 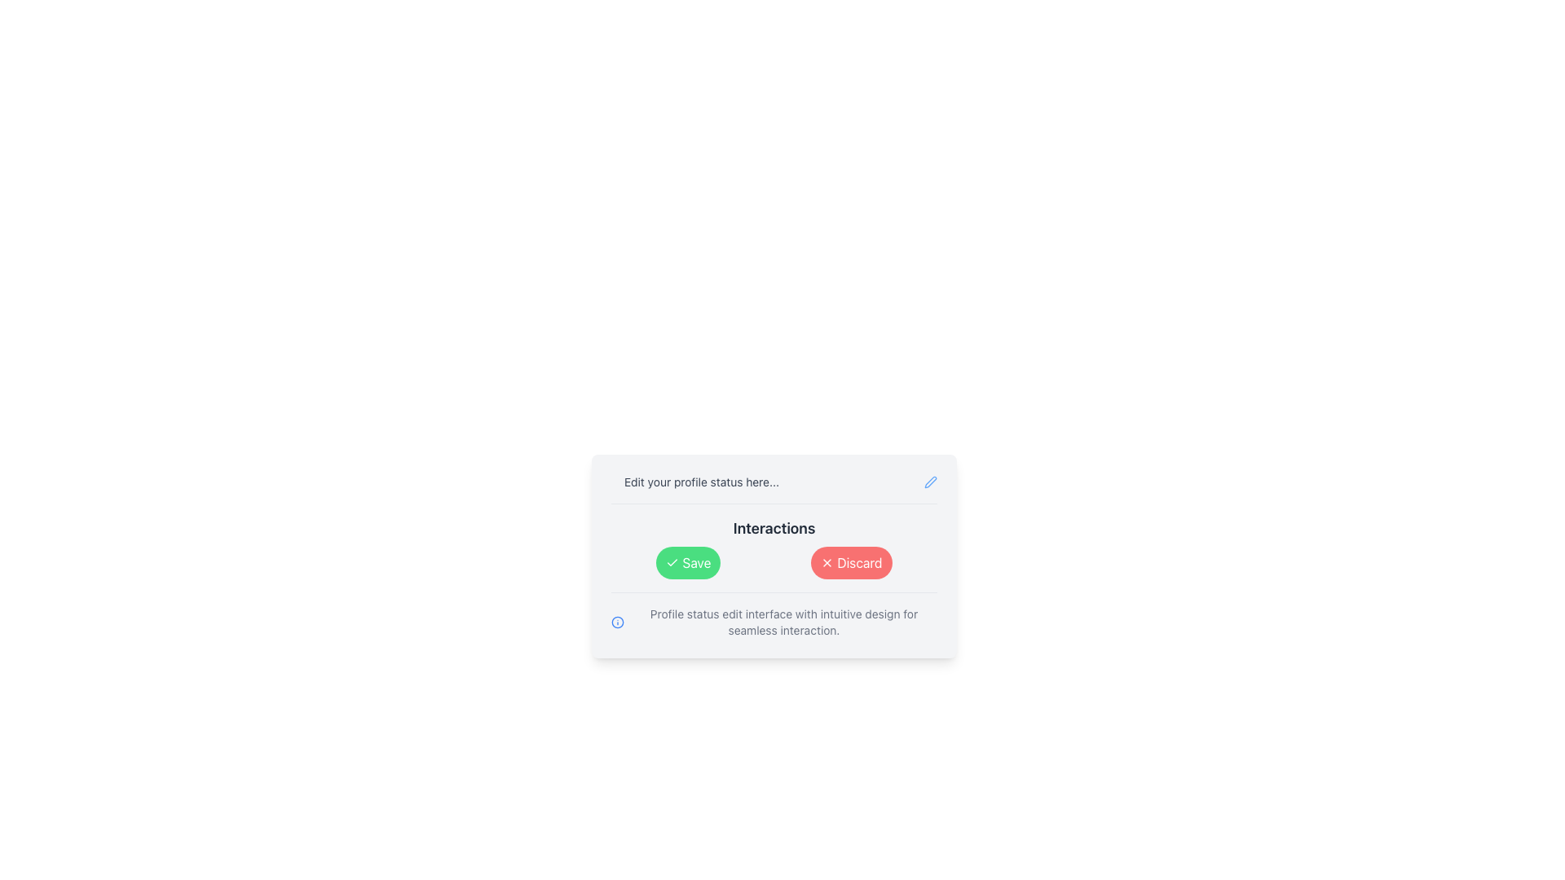 I want to click on the small blue pen icon located at the top-right corner next to the label 'Edit your profile status here...', so click(x=931, y=481).